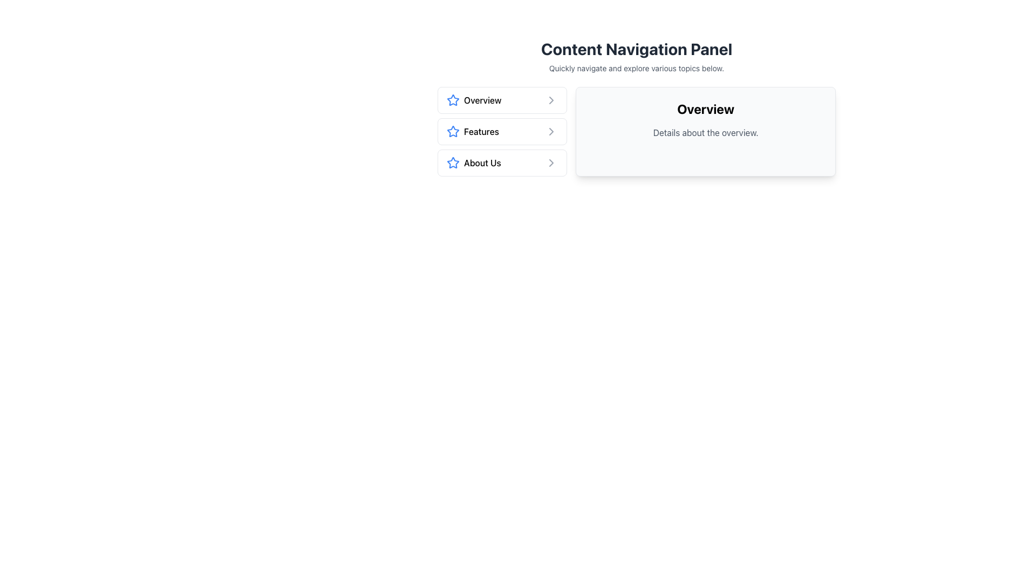 The image size is (1036, 583). What do you see at coordinates (551, 100) in the screenshot?
I see `the right-pointing chevron icon located in the Overview section of the content navigation panel, which is styled in light gray and follows modern minimalistic patterns` at bounding box center [551, 100].